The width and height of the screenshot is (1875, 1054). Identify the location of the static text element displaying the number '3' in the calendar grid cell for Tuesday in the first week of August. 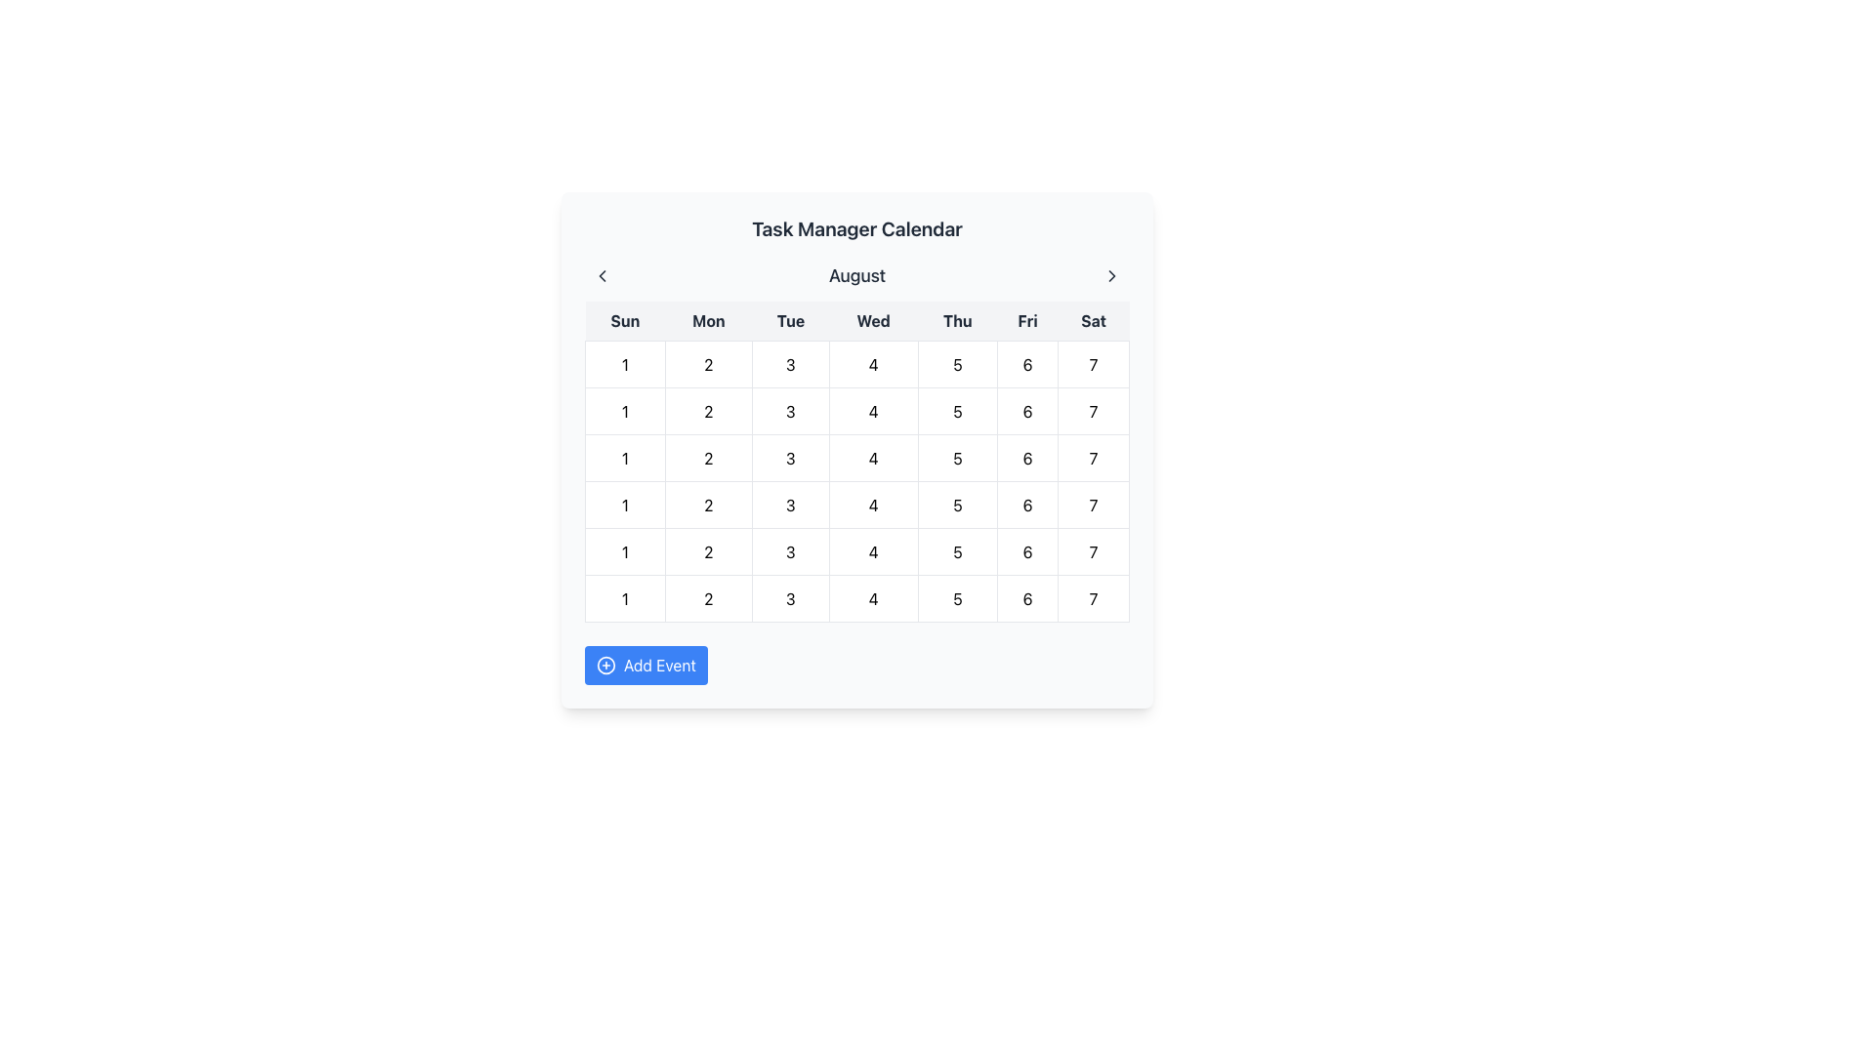
(790, 597).